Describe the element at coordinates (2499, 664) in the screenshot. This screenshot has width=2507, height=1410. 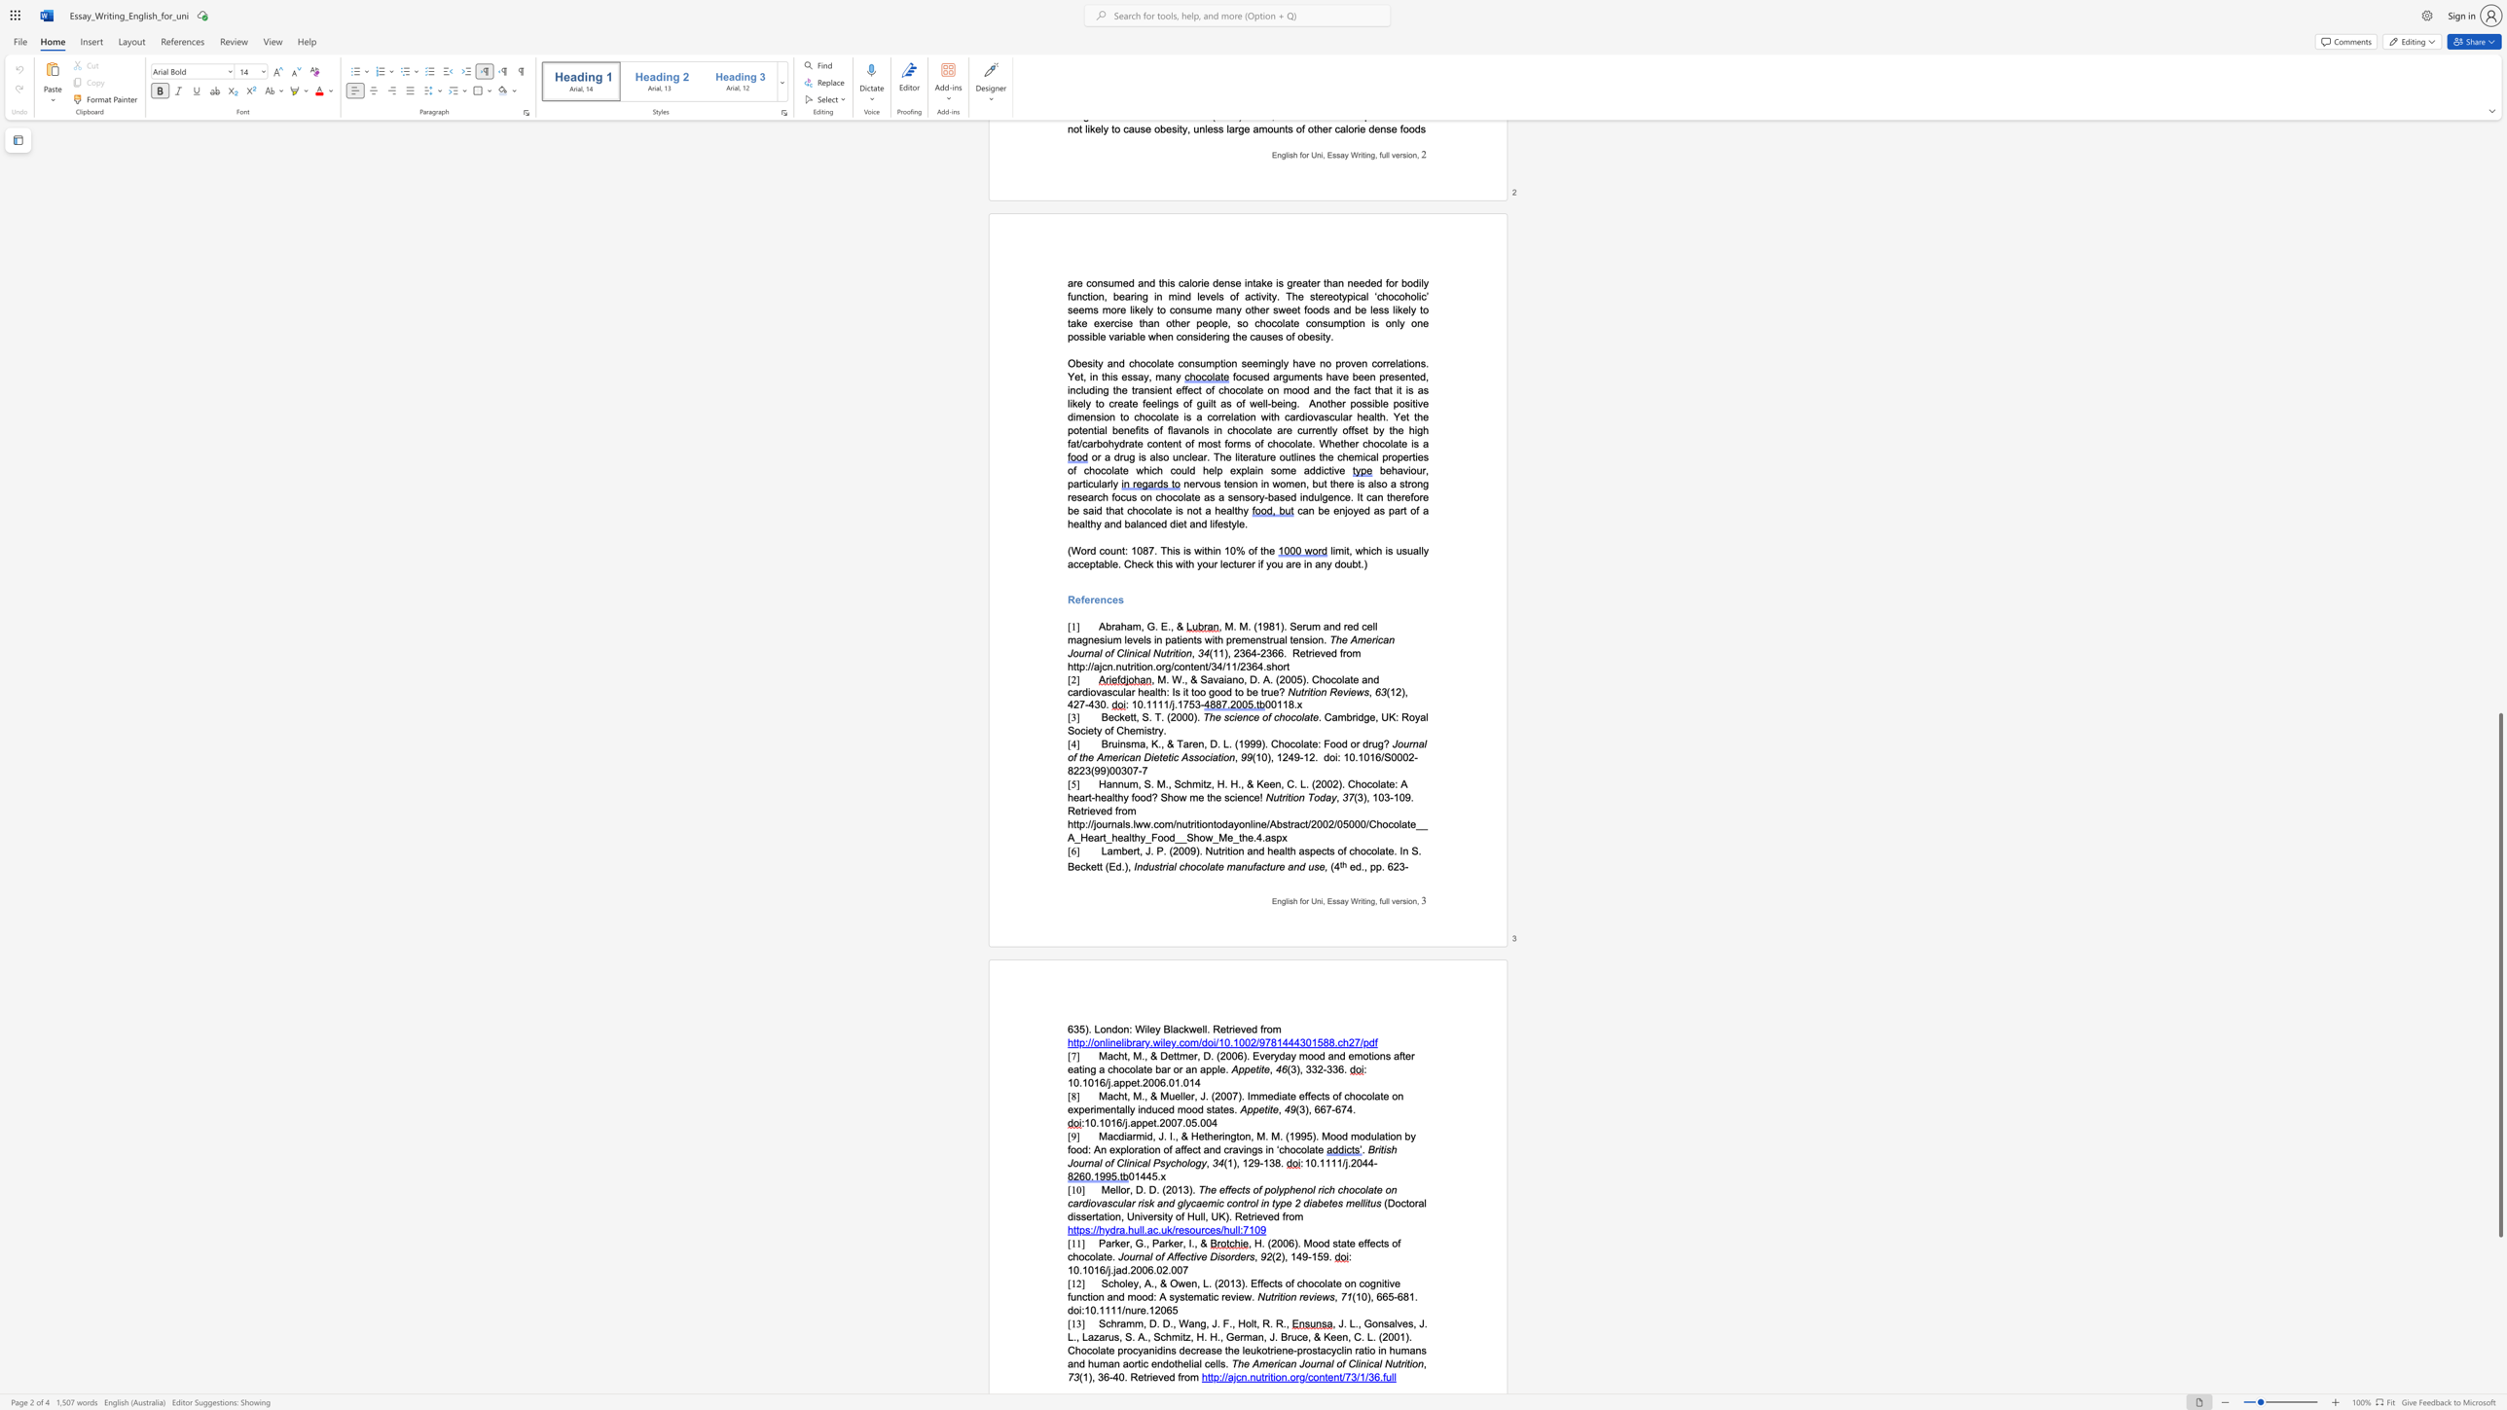
I see `the scrollbar on the right to move the page upward` at that location.